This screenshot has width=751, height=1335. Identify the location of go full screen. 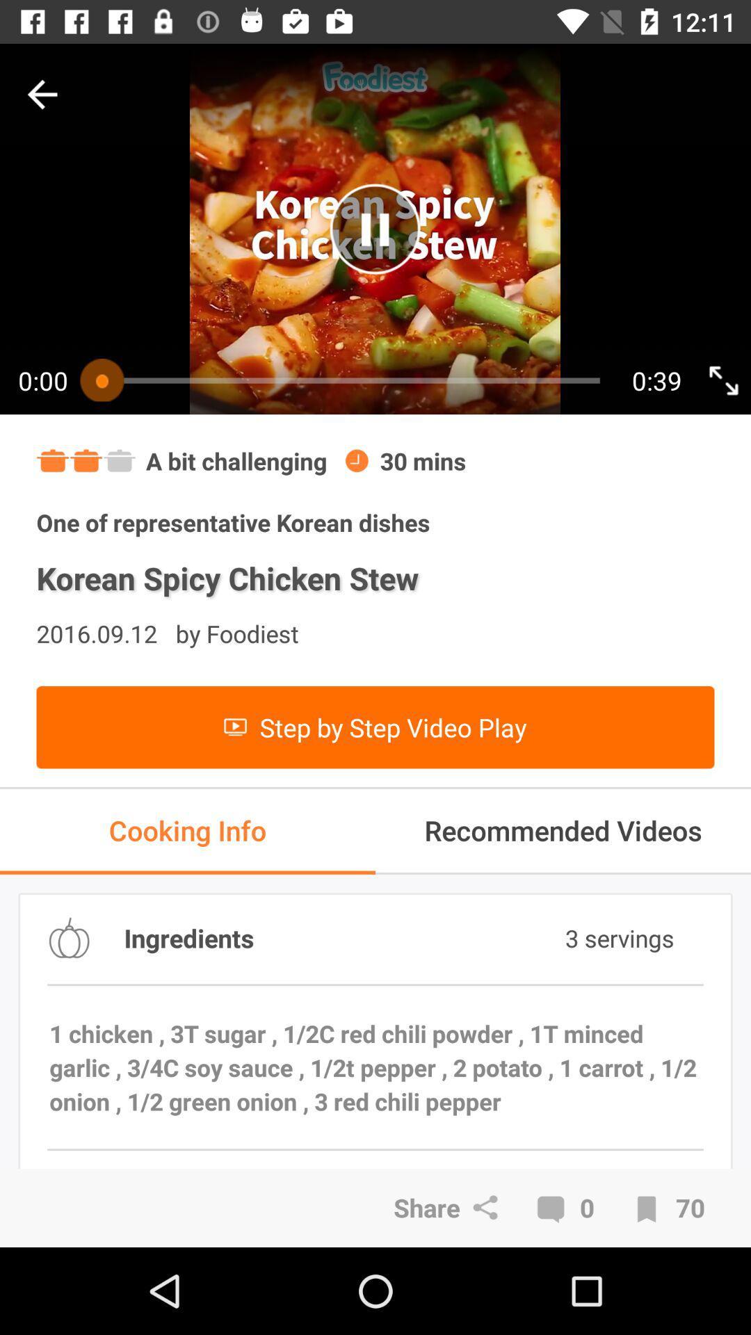
(722, 380).